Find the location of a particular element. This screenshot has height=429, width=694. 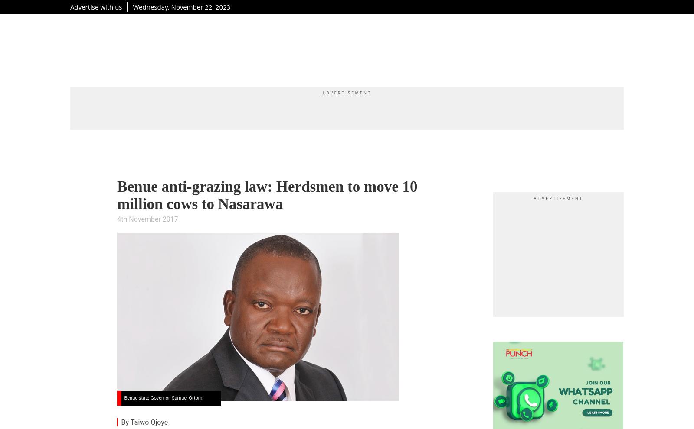

'Politics' is located at coordinates (347, 48).